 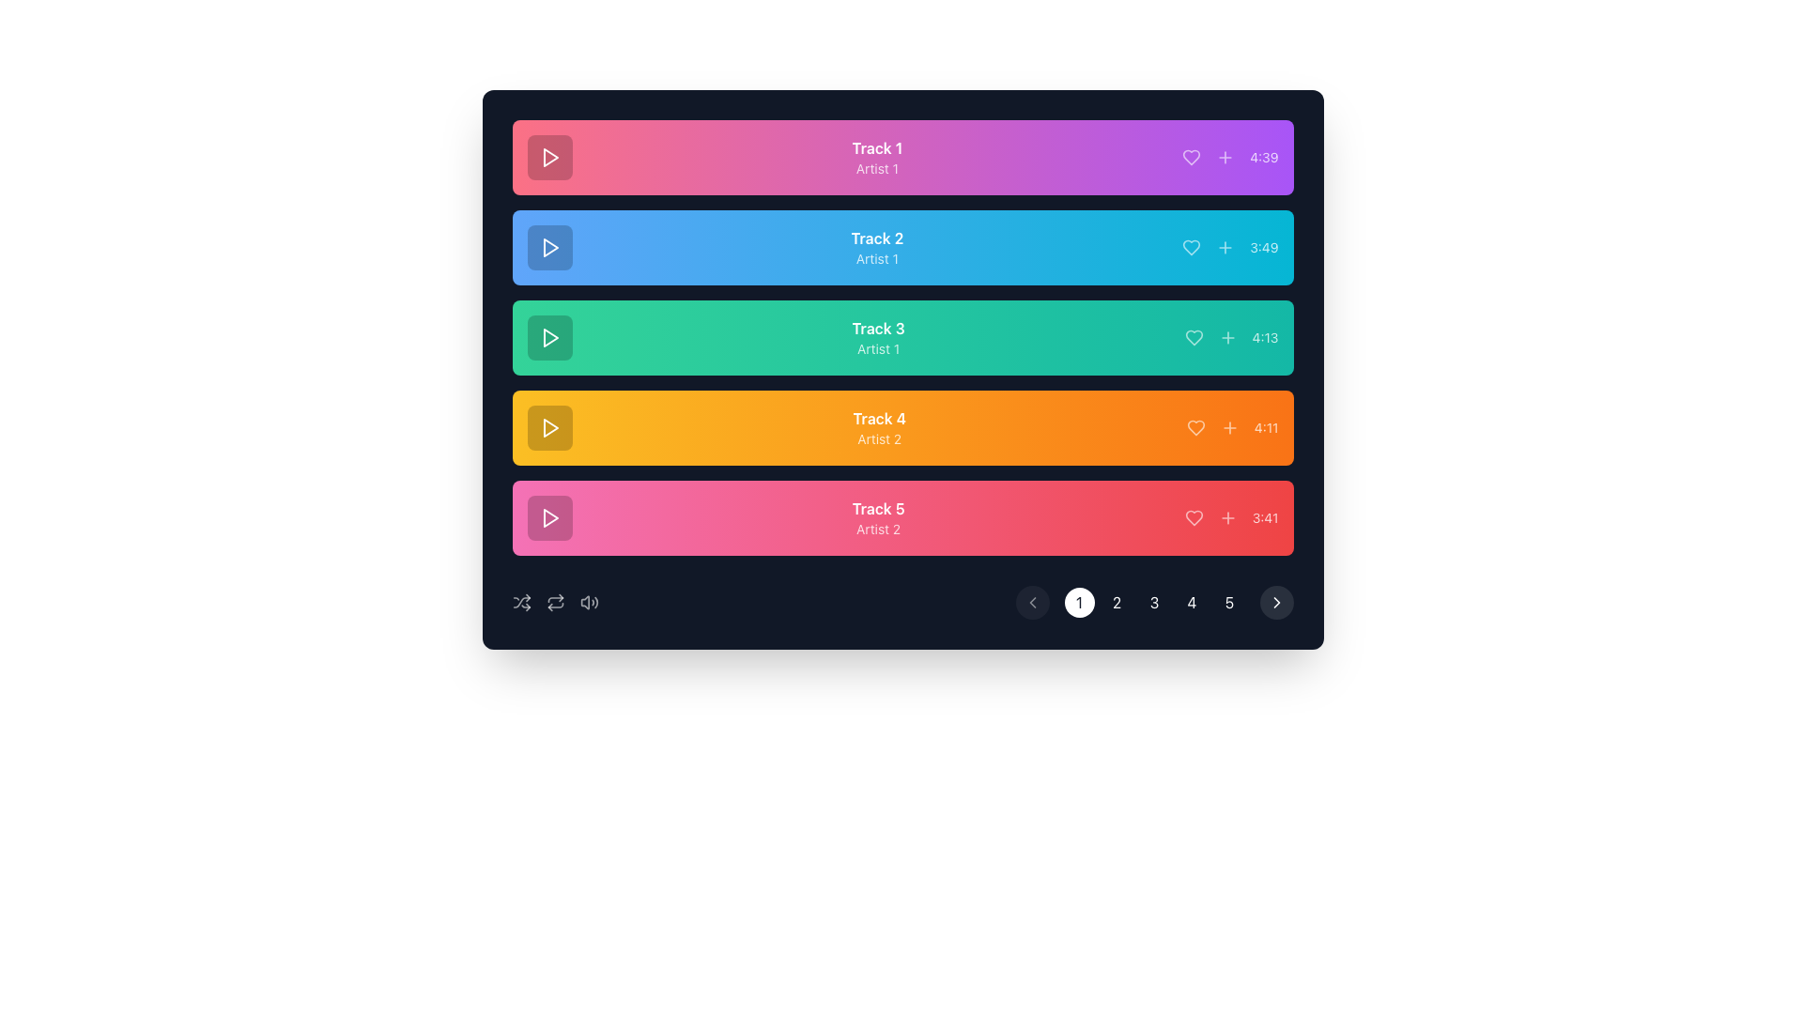 I want to click on the play button for the fifth track labeled 'Track 5' with a pink background to initiate playback, so click(x=548, y=517).